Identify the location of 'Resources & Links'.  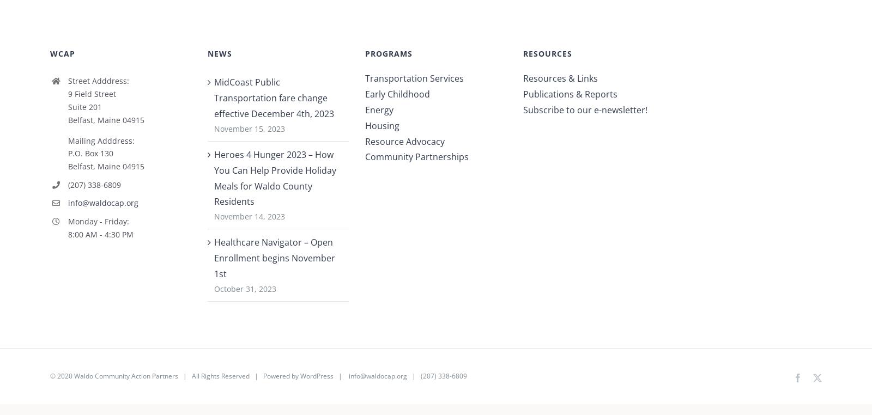
(560, 82).